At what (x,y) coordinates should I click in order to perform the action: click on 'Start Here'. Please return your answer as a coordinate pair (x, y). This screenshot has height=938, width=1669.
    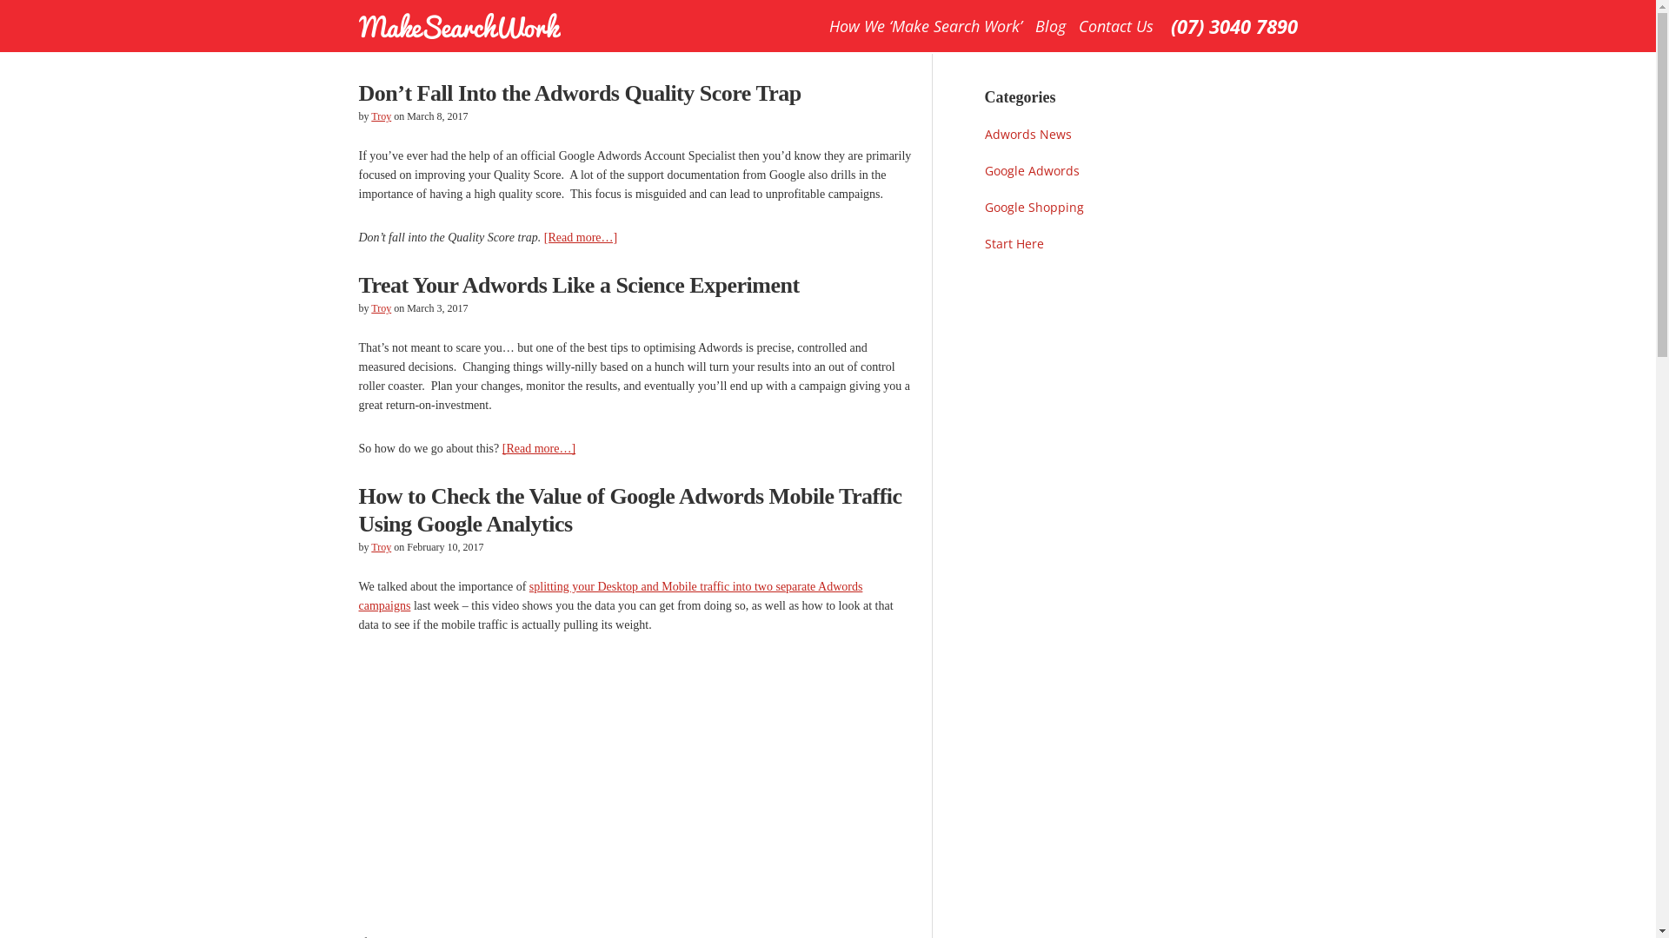
    Looking at the image, I should click on (1014, 243).